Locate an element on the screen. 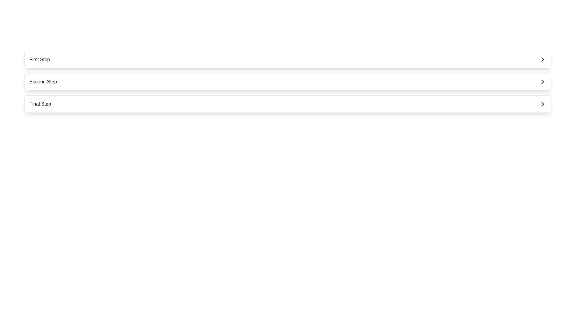  the third item in the clickable list to possibly reveal further details or options is located at coordinates (287, 104).